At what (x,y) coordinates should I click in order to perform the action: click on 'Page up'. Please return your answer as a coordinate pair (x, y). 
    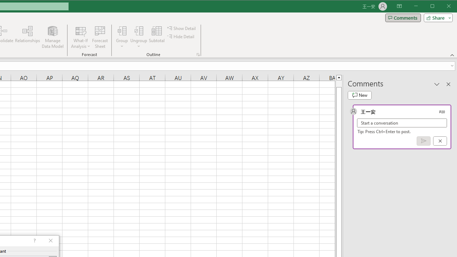
    Looking at the image, I should click on (338, 83).